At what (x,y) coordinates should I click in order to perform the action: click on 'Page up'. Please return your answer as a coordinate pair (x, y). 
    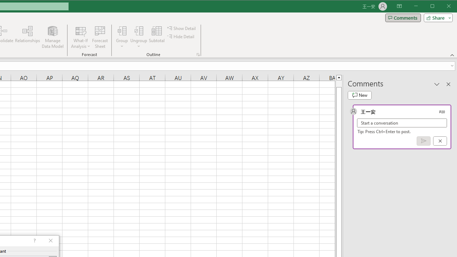
    Looking at the image, I should click on (338, 83).